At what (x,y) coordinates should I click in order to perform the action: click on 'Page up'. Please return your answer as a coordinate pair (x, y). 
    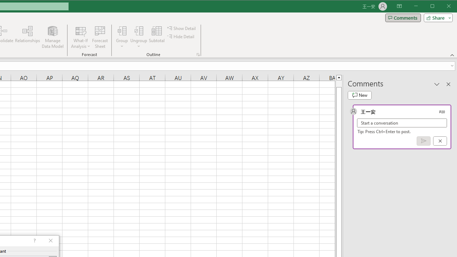
    Looking at the image, I should click on (338, 83).